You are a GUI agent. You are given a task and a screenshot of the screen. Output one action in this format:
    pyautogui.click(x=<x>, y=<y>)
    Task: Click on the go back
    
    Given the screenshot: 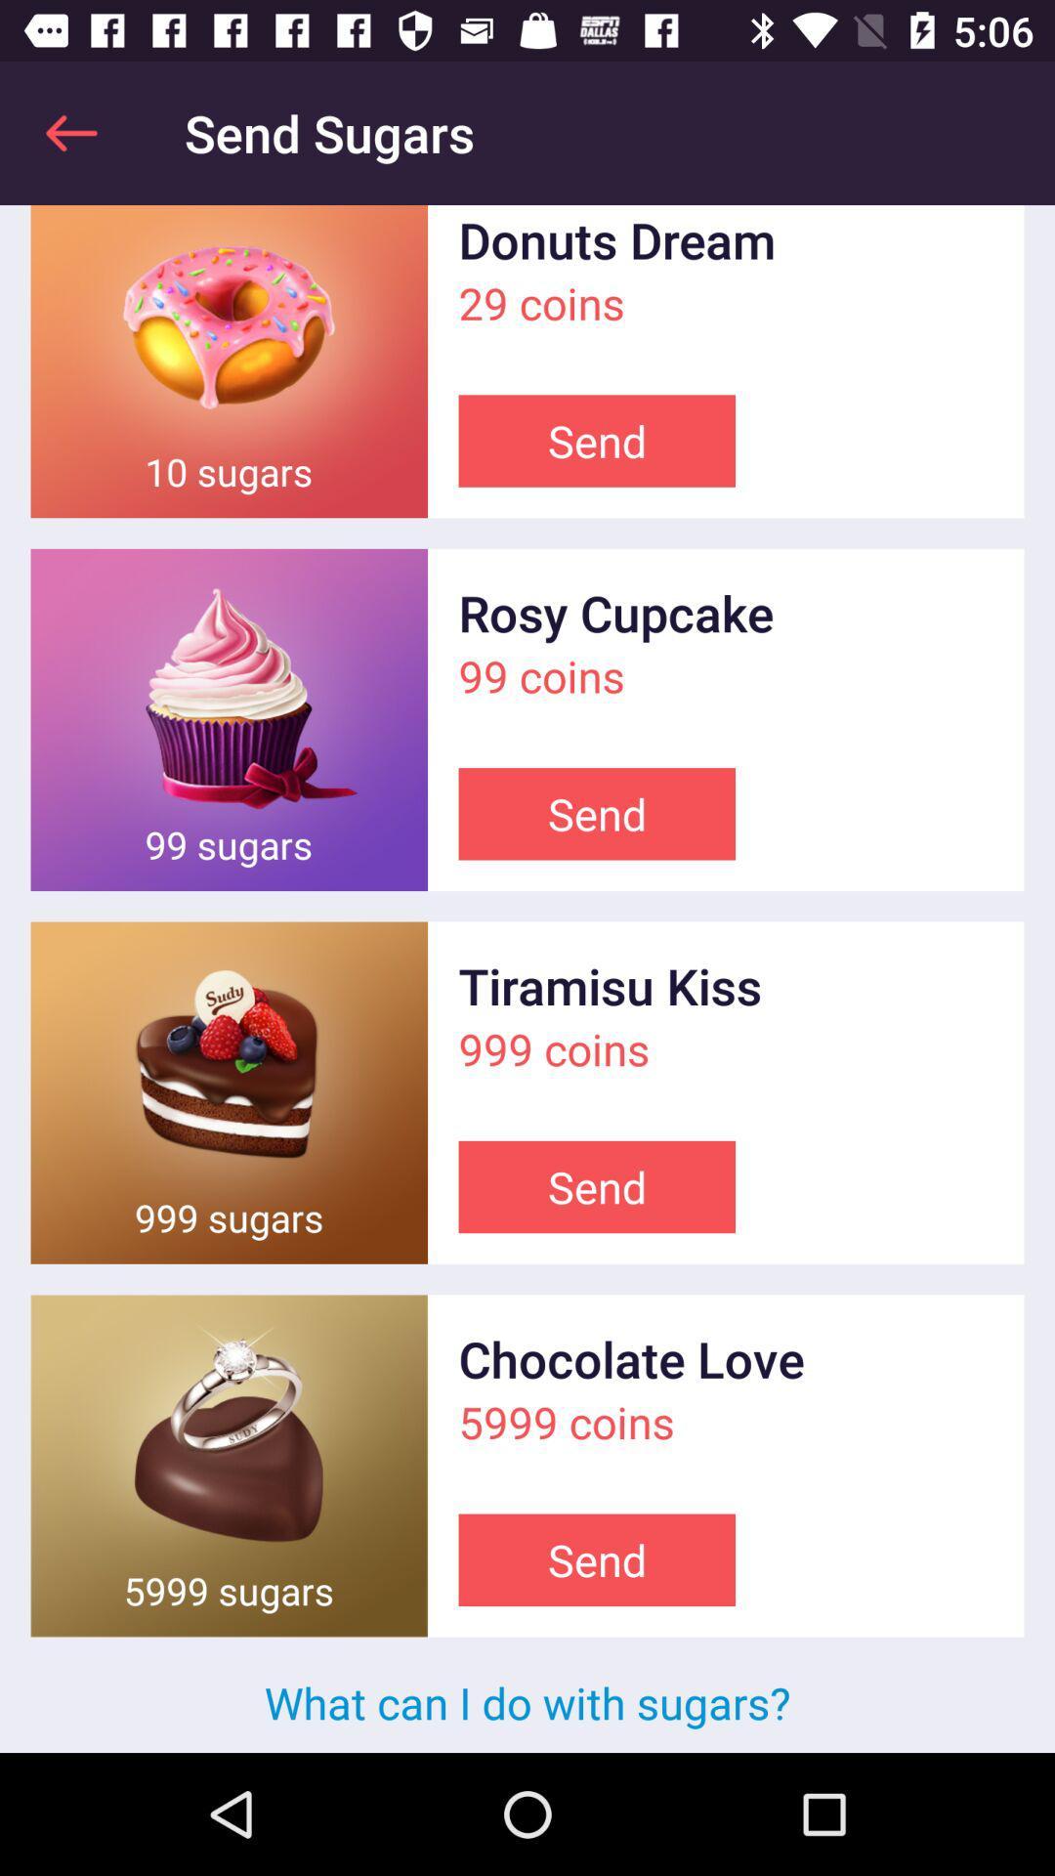 What is the action you would take?
    pyautogui.click(x=70, y=132)
    